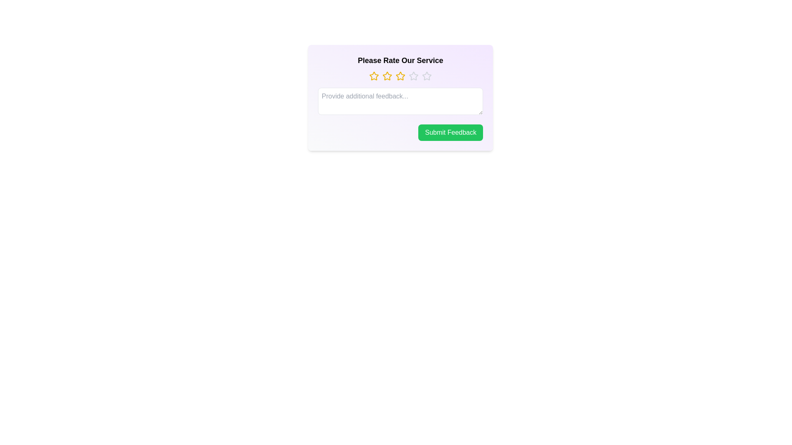  Describe the element at coordinates (387, 76) in the screenshot. I see `the star corresponding to the 2 value to set the rating` at that location.